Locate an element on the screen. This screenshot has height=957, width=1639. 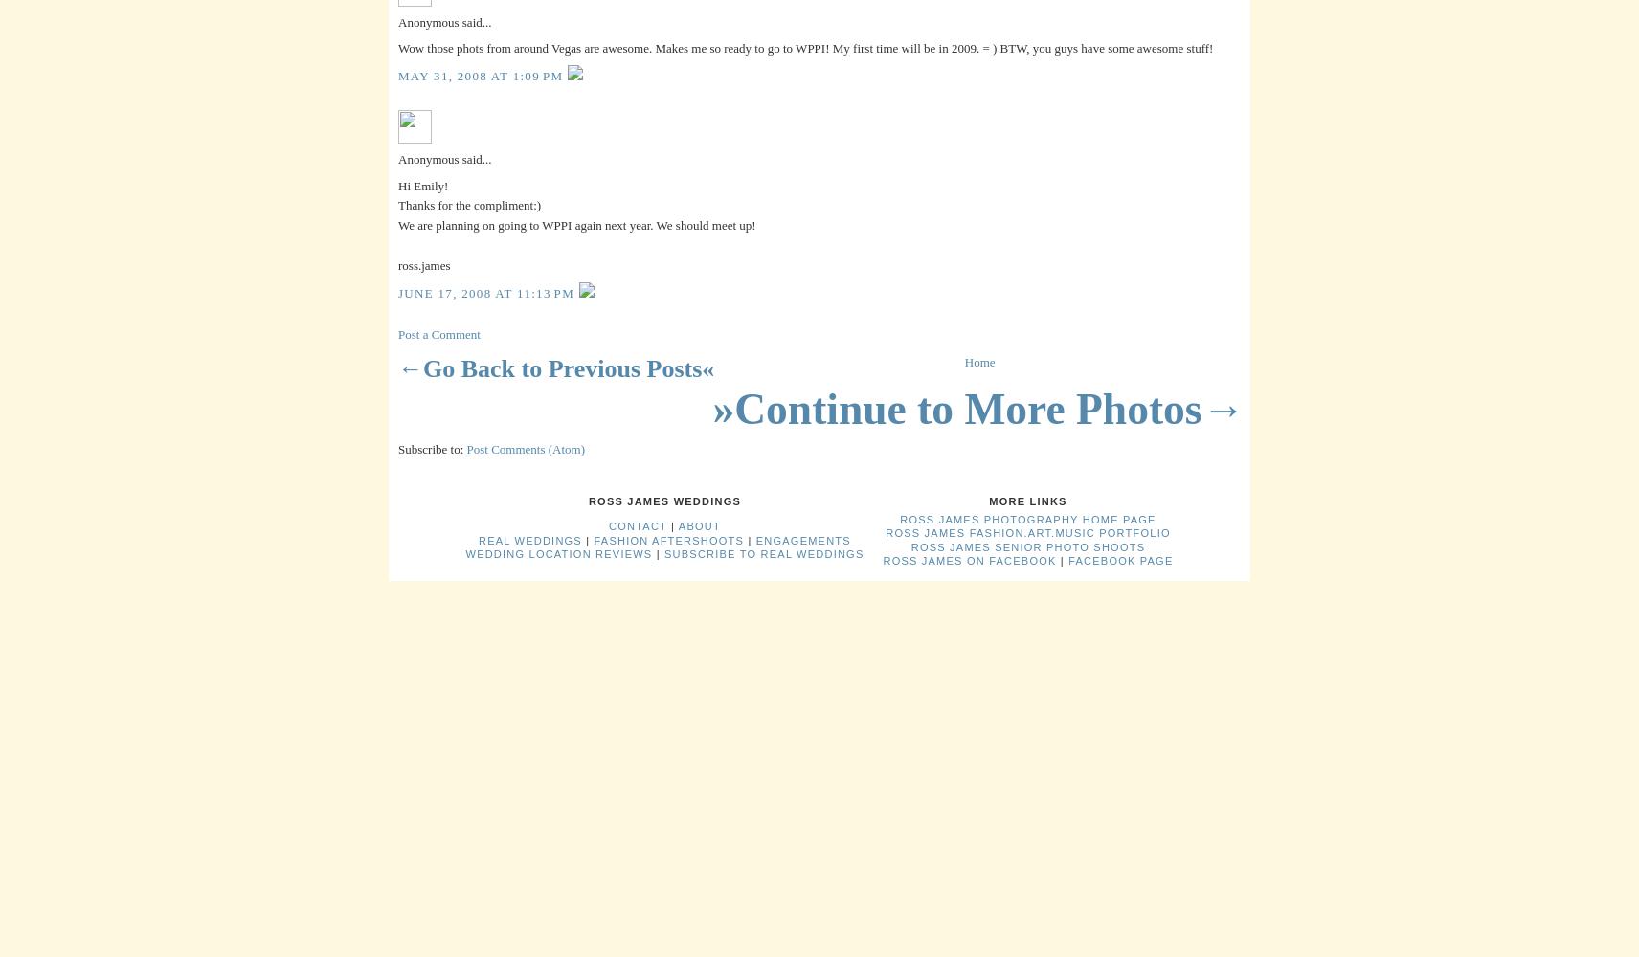
'ross.james' is located at coordinates (423, 264).